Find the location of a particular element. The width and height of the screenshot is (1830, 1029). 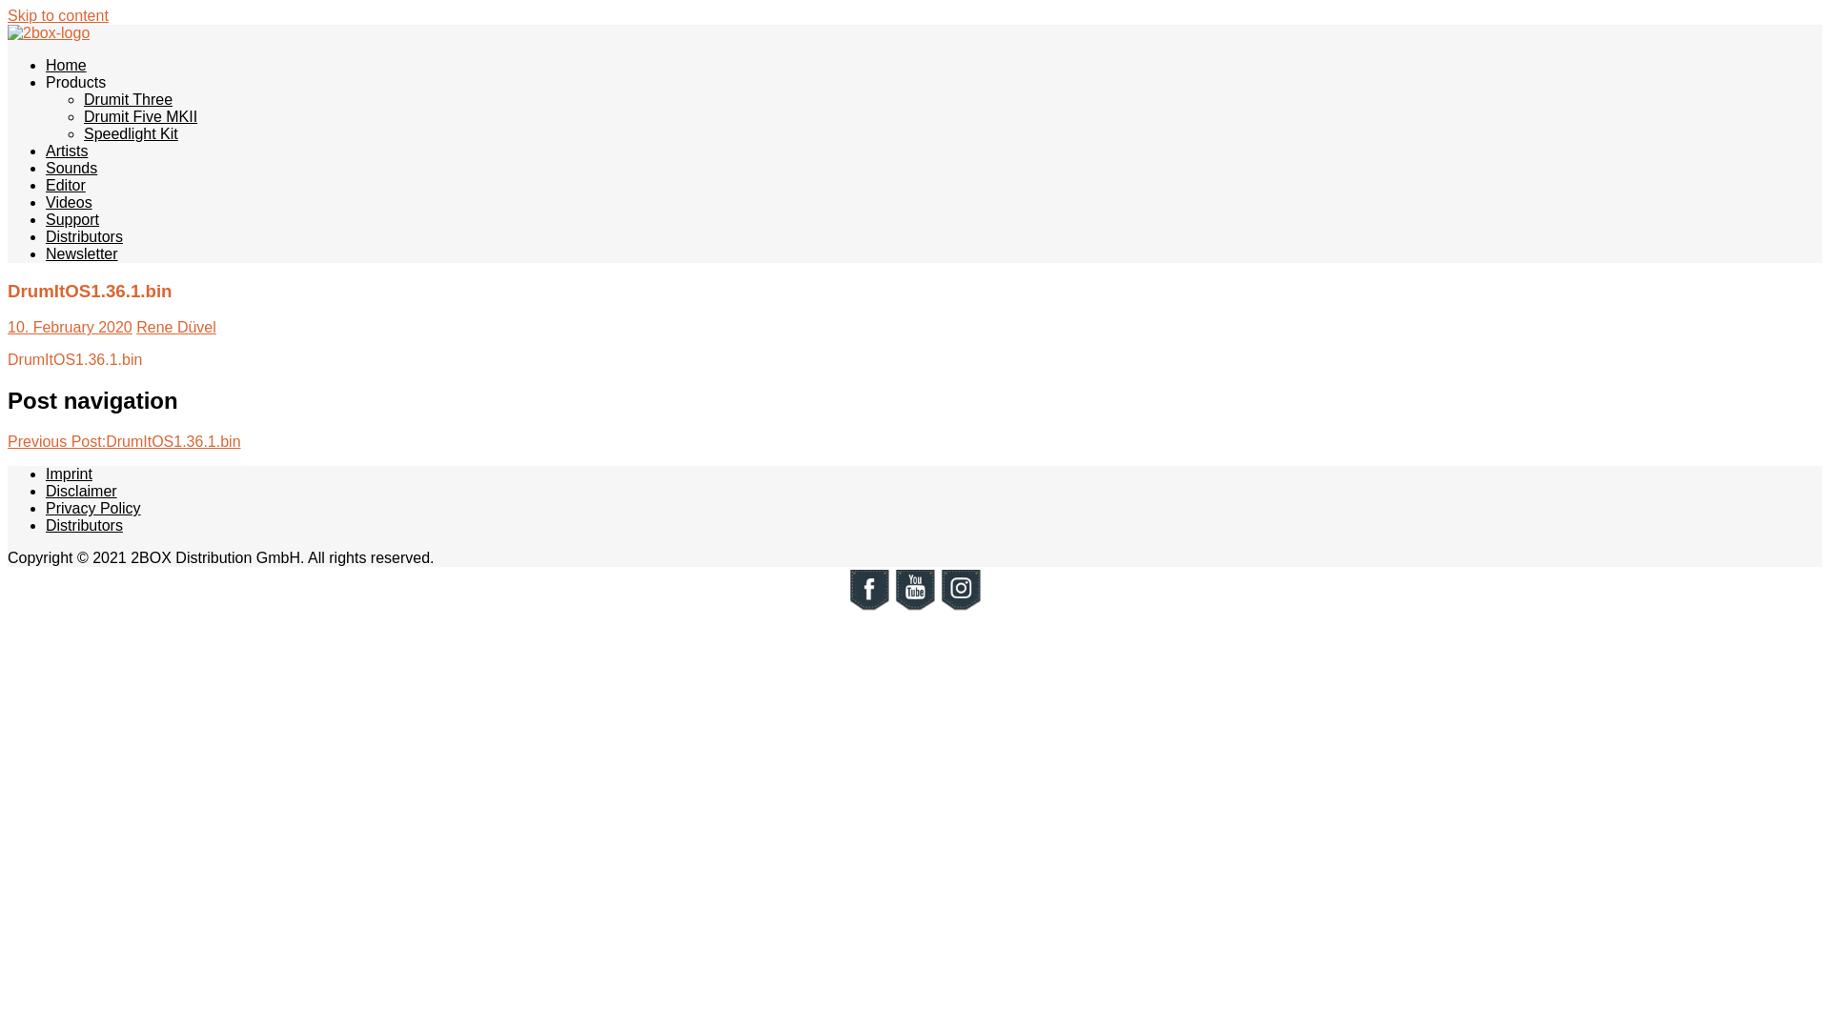

'Sounds' is located at coordinates (46, 167).